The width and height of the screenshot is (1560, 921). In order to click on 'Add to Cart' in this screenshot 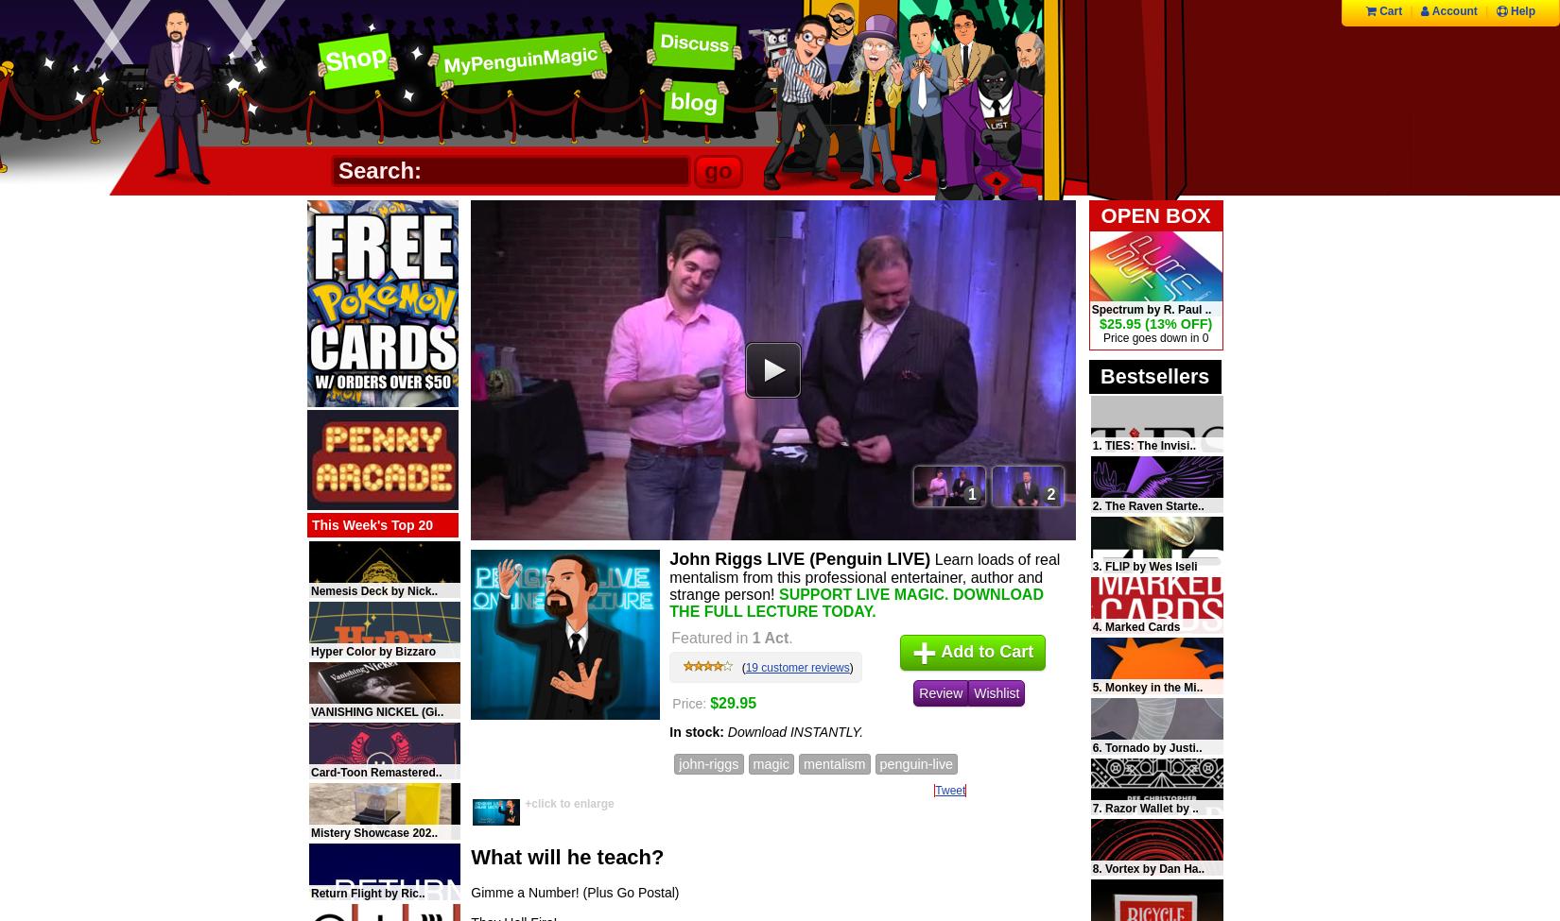, I will do `click(936, 651)`.